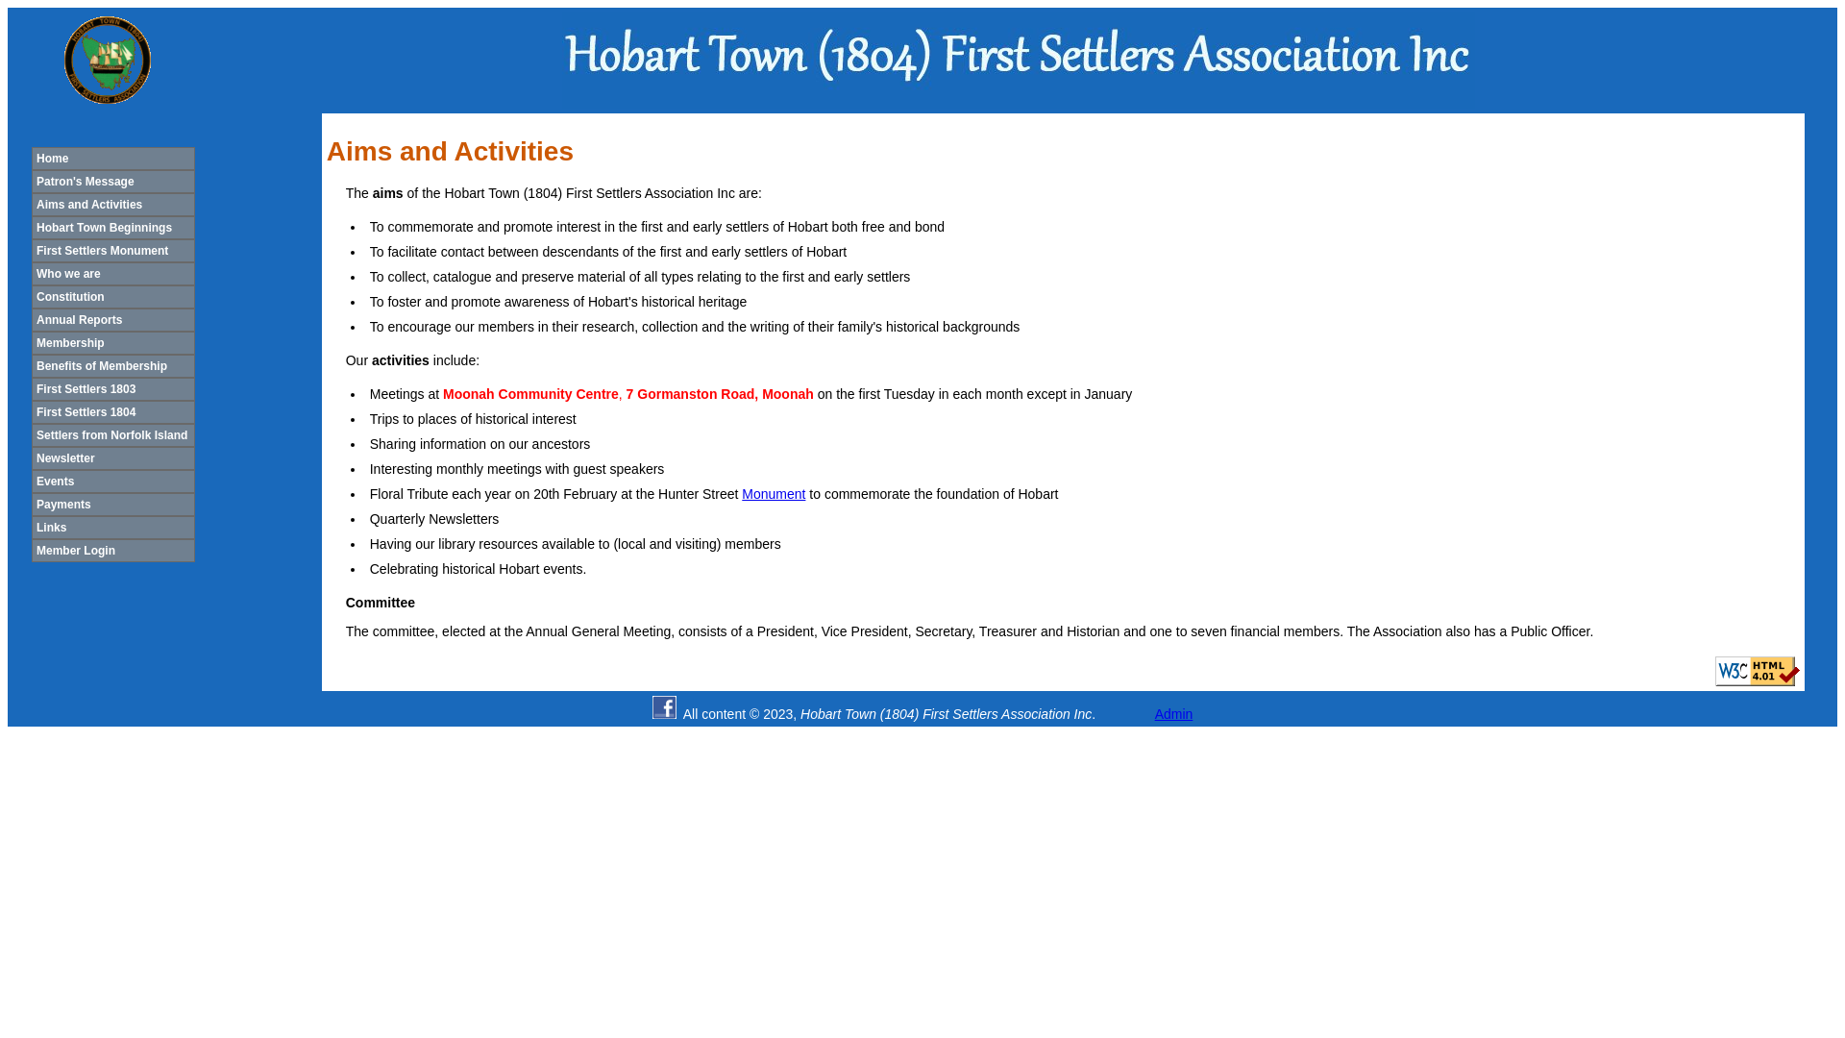  I want to click on 'Home', so click(32, 158).